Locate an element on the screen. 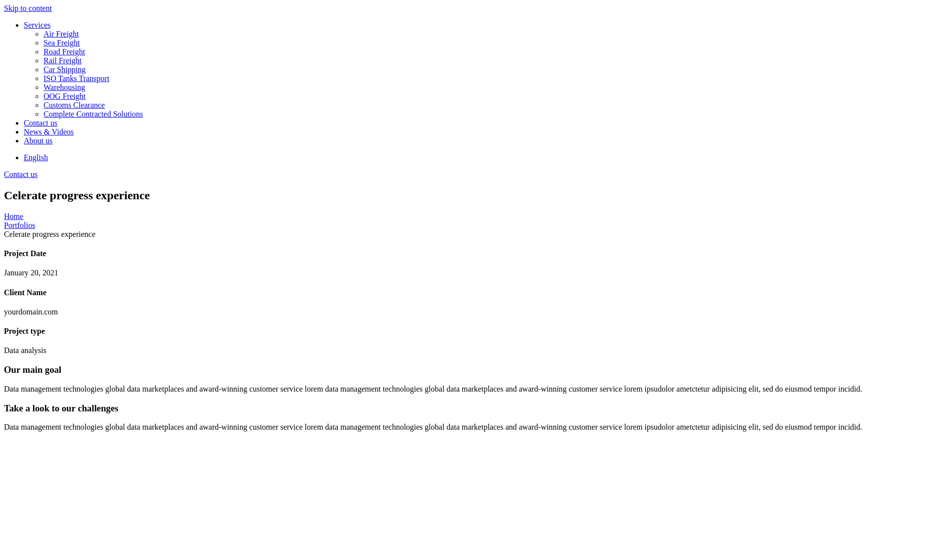 This screenshot has width=950, height=534. 'Car Shipping' is located at coordinates (43, 69).